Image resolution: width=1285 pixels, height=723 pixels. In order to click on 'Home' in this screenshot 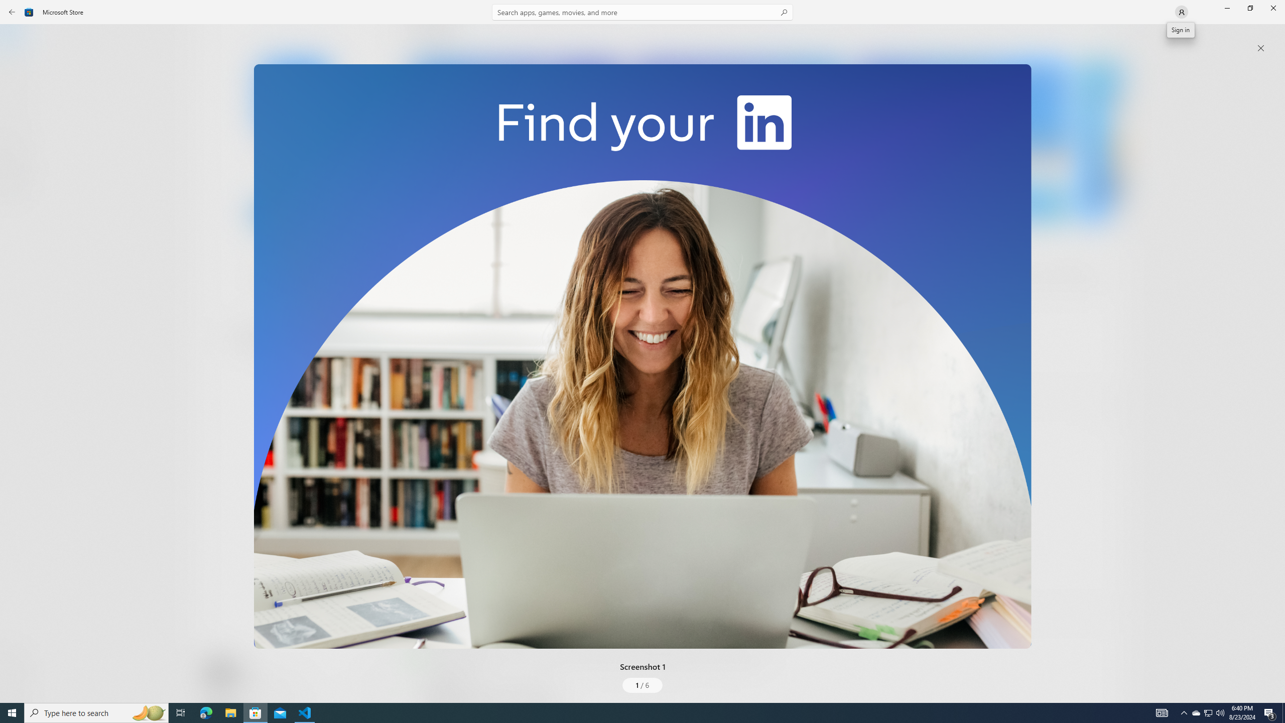, I will do `click(17, 39)`.